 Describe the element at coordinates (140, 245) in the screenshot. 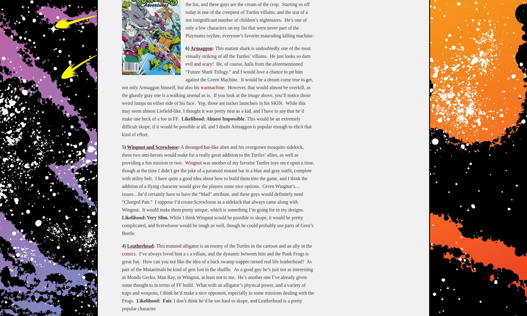

I see `'Leatherhead'` at that location.